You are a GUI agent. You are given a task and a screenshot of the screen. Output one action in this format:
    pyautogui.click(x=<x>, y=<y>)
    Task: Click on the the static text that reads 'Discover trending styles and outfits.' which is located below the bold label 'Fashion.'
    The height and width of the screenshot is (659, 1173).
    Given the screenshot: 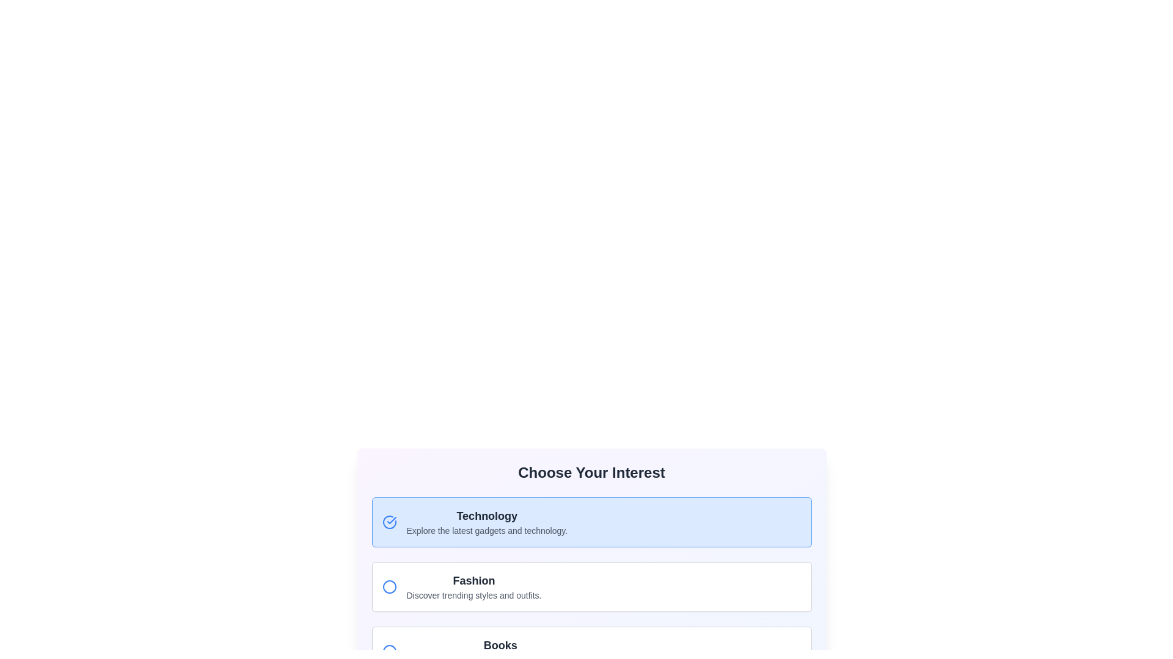 What is the action you would take?
    pyautogui.click(x=473, y=594)
    